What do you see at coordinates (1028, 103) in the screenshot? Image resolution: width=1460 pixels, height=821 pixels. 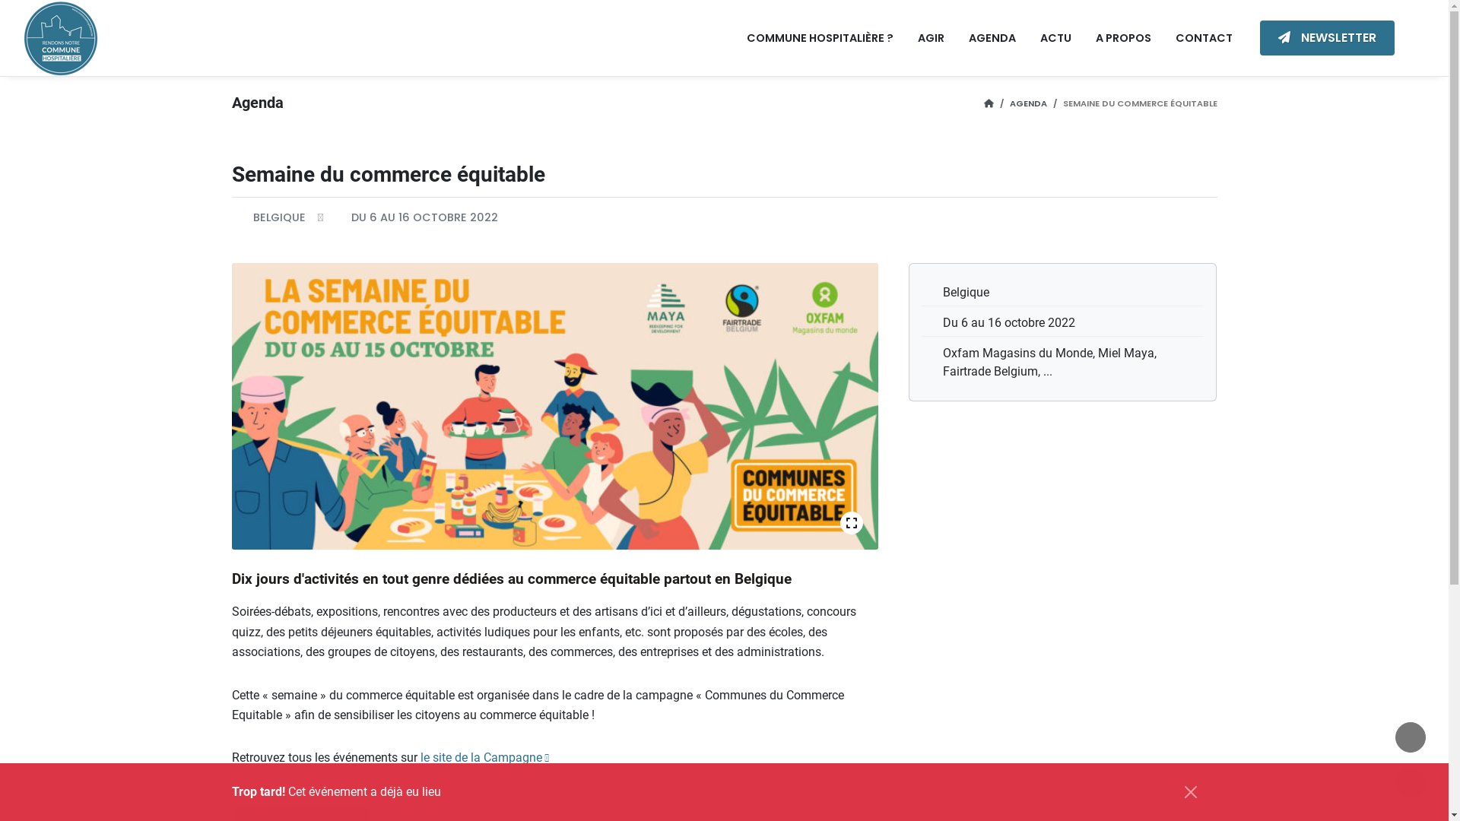 I see `'AGENDA'` at bounding box center [1028, 103].